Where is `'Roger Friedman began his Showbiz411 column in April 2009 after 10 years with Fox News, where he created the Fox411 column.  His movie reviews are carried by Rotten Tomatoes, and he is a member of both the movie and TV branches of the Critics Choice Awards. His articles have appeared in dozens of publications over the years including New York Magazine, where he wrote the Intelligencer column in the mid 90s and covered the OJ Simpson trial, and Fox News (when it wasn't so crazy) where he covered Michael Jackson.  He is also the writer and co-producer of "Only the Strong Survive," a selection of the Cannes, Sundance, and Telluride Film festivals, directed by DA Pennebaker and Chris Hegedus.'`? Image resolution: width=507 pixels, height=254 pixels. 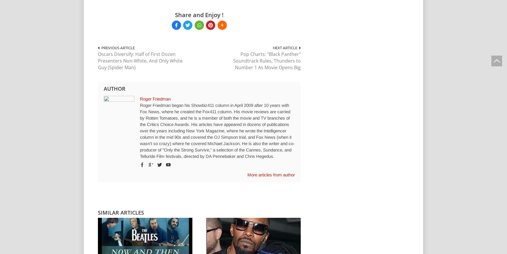 'Roger Friedman began his Showbiz411 column in April 2009 after 10 years with Fox News, where he created the Fox411 column.  His movie reviews are carried by Rotten Tomatoes, and he is a member of both the movie and TV branches of the Critics Choice Awards. His articles have appeared in dozens of publications over the years including New York Magazine, where he wrote the Intelligencer column in the mid 90s and covered the OJ Simpson trial, and Fox News (when it wasn't so crazy) where he covered Michael Jackson.  He is also the writer and co-producer of "Only the Strong Survive," a selection of the Cannes, Sundance, and Telluride Film festivals, directed by DA Pennebaker and Chris Hegedus.' is located at coordinates (217, 130).